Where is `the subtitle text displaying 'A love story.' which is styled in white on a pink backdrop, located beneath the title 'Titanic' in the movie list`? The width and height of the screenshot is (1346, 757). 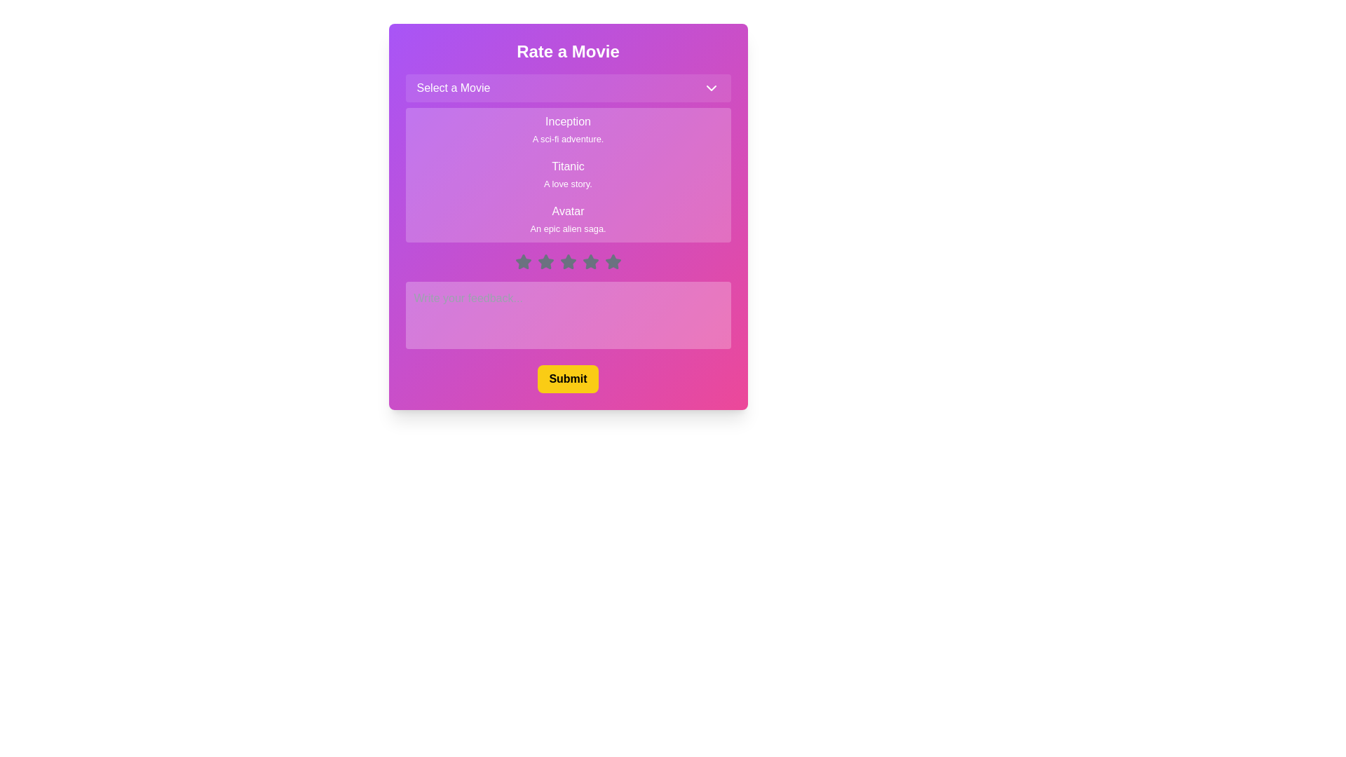
the subtitle text displaying 'A love story.' which is styled in white on a pink backdrop, located beneath the title 'Titanic' in the movie list is located at coordinates (568, 183).